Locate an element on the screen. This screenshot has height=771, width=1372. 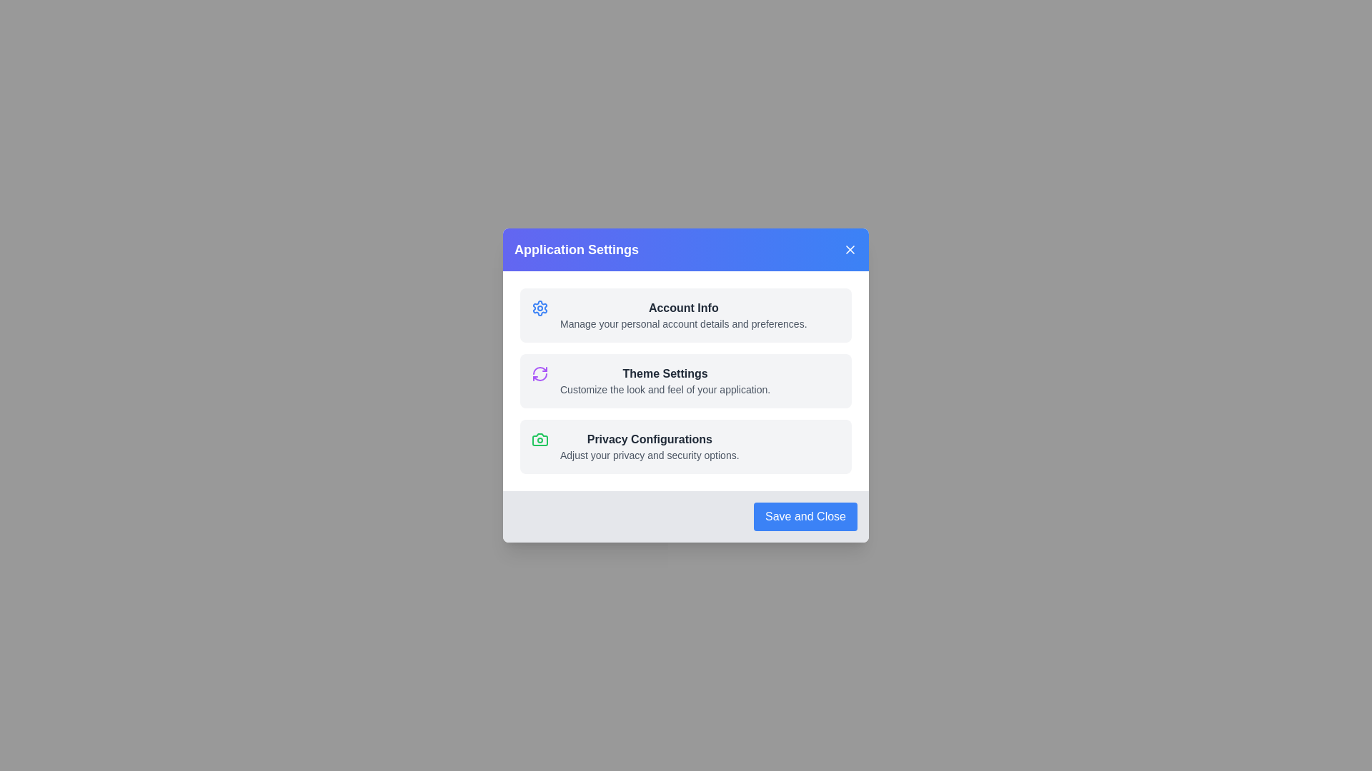
the close button to close the dialog is located at coordinates (850, 249).